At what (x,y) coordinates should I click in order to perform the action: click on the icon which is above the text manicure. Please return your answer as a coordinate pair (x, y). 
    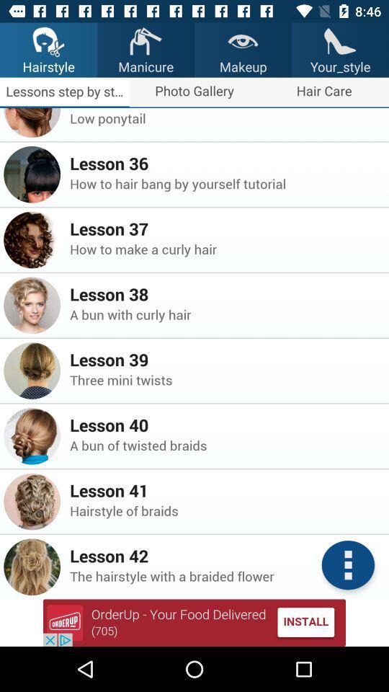
    Looking at the image, I should click on (146, 40).